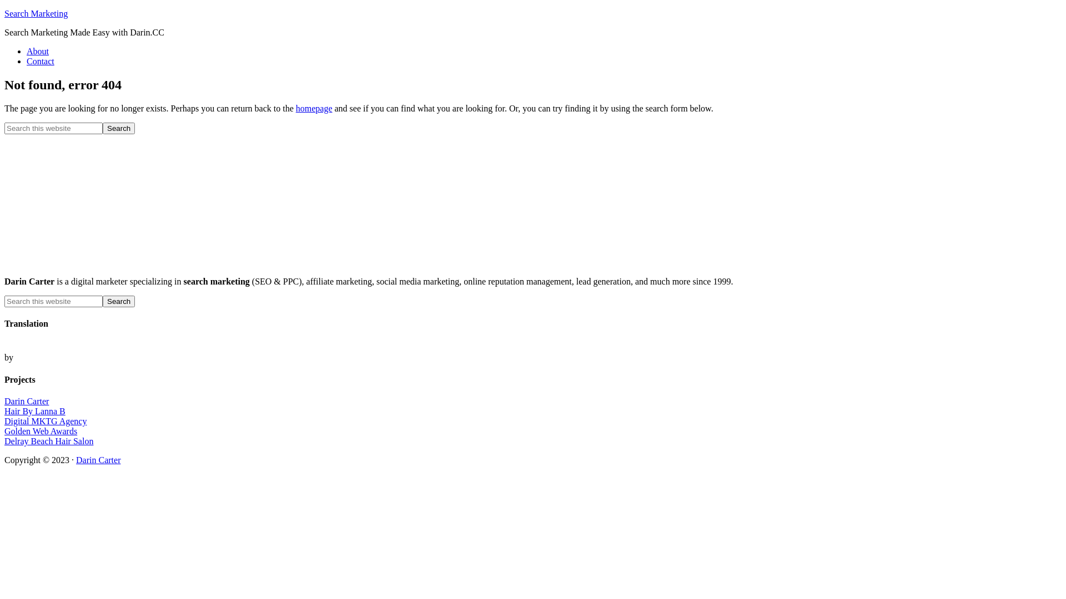 Image resolution: width=1066 pixels, height=599 pixels. Describe the element at coordinates (41, 430) in the screenshot. I see `'Golden Web Awards'` at that location.